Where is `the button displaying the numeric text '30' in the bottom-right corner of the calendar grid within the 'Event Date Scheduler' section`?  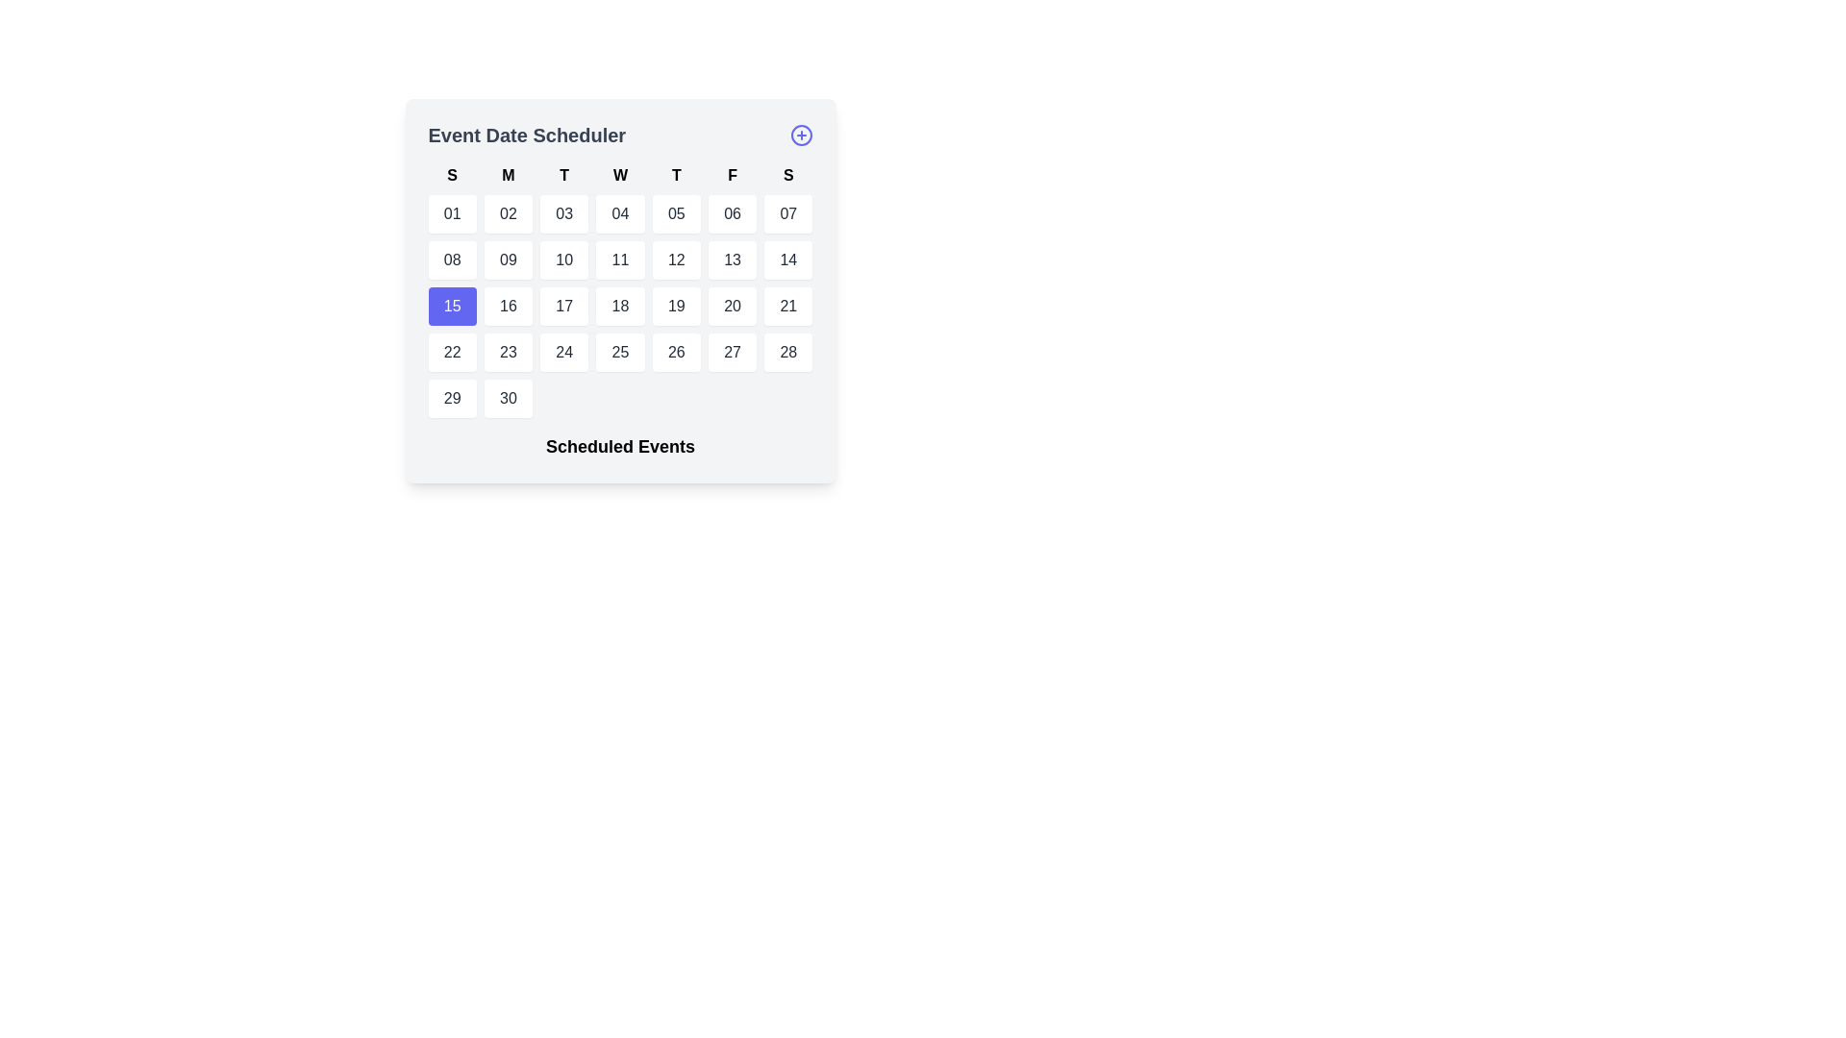 the button displaying the numeric text '30' in the bottom-right corner of the calendar grid within the 'Event Date Scheduler' section is located at coordinates (508, 398).